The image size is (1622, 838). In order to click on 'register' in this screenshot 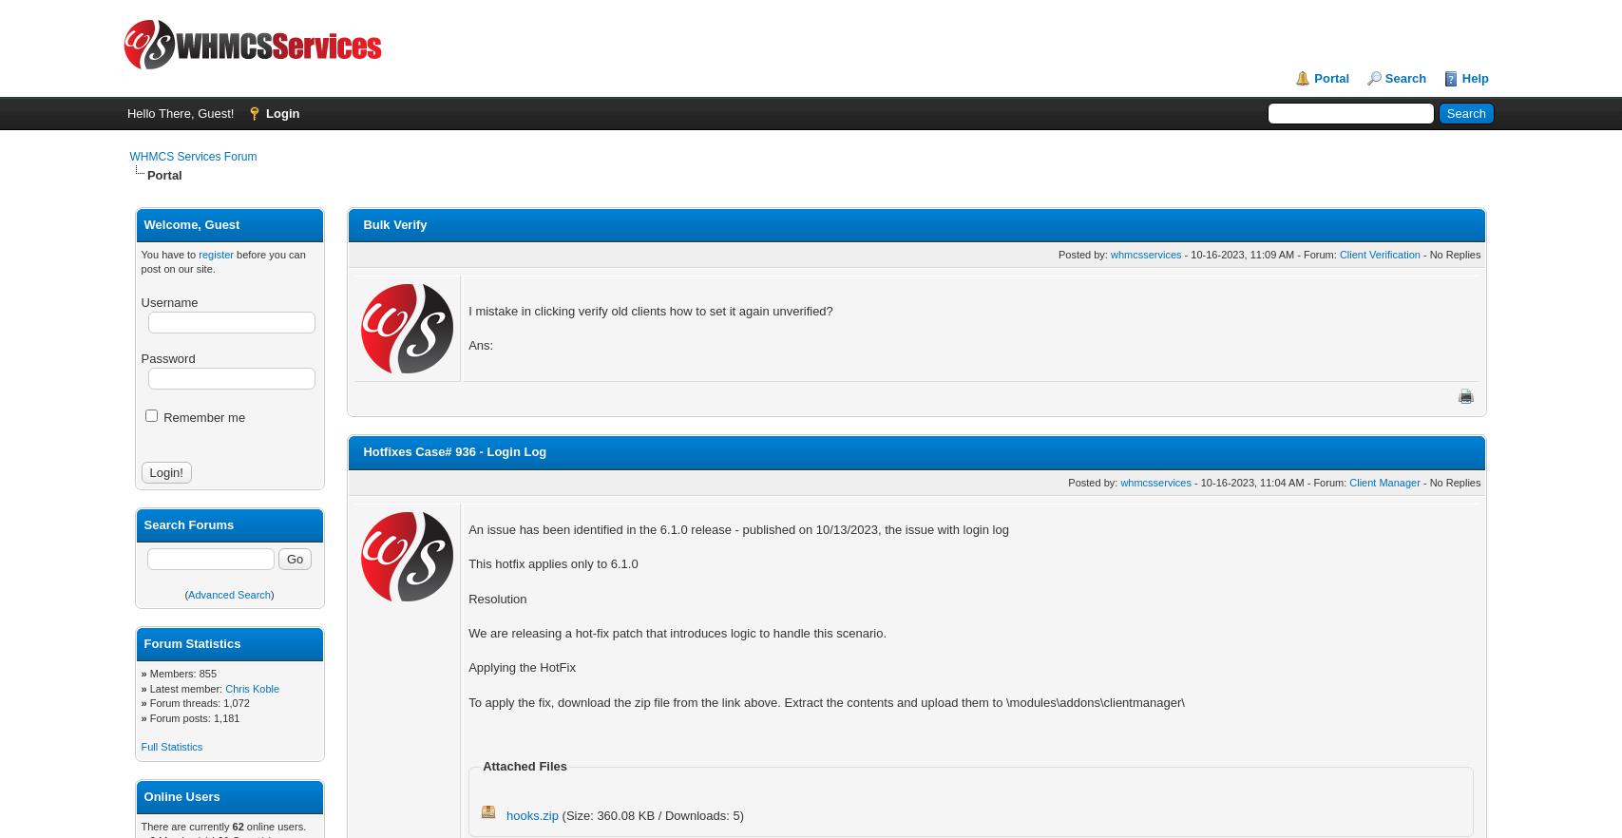, I will do `click(216, 253)`.